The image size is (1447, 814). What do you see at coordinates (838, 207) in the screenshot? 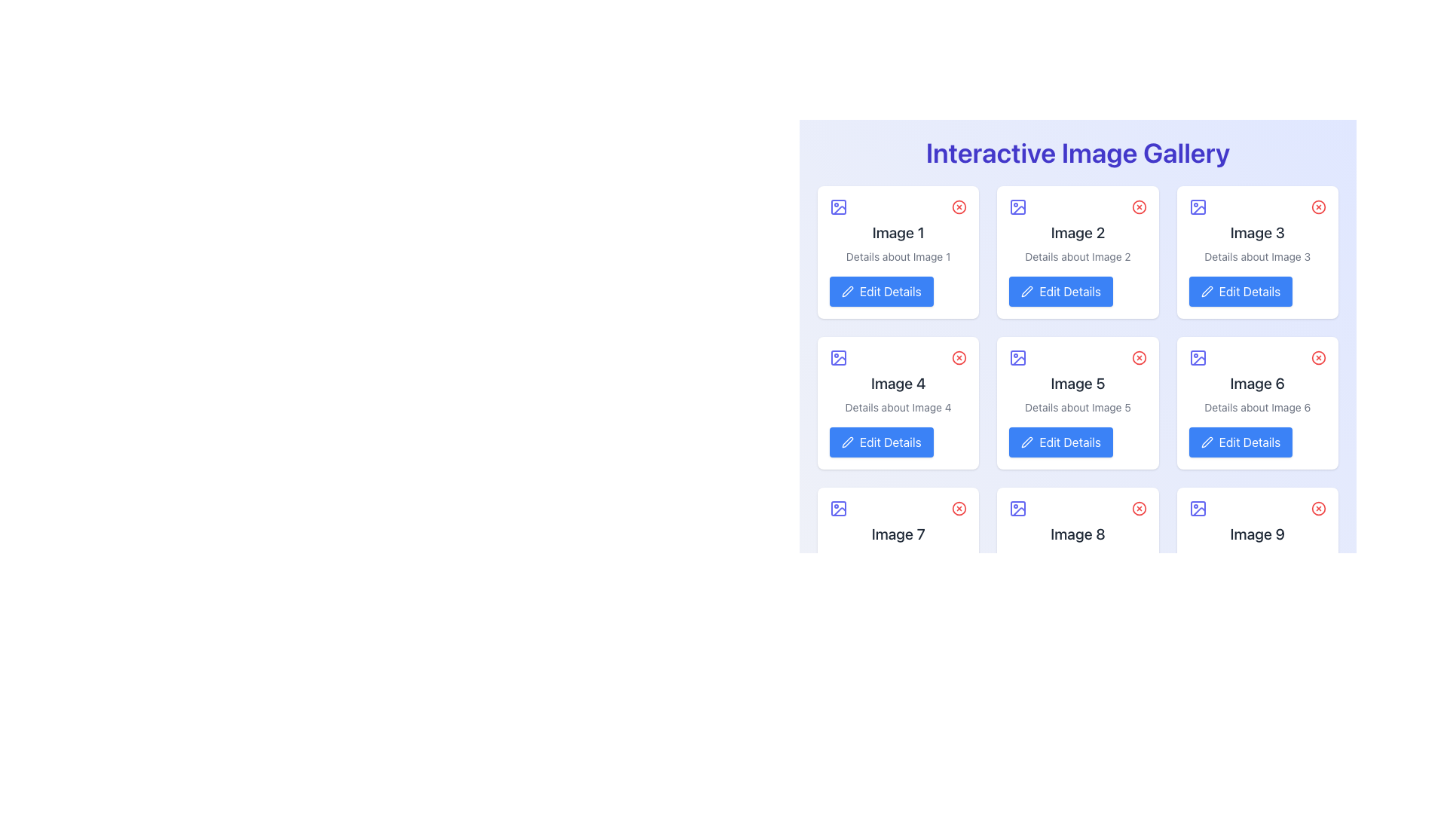
I see `the indigo square-shaped icon with a circle and slash design located in the top-left corner of the card titled 'Image 1' in the image gallery` at bounding box center [838, 207].